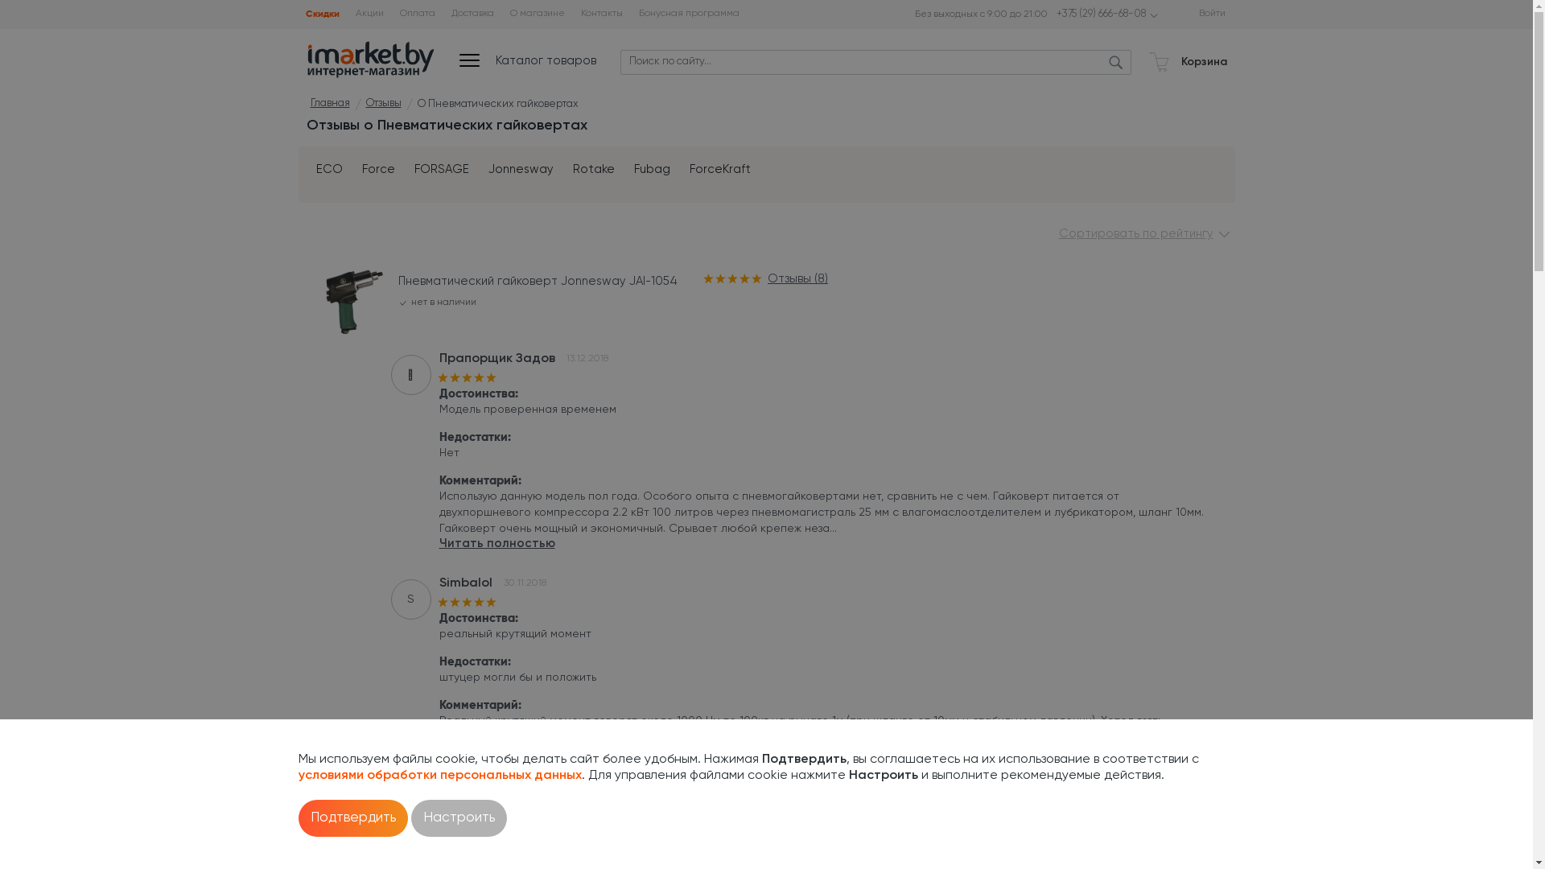 This screenshot has width=1545, height=869. Describe the element at coordinates (377, 170) in the screenshot. I see `'Force'` at that location.